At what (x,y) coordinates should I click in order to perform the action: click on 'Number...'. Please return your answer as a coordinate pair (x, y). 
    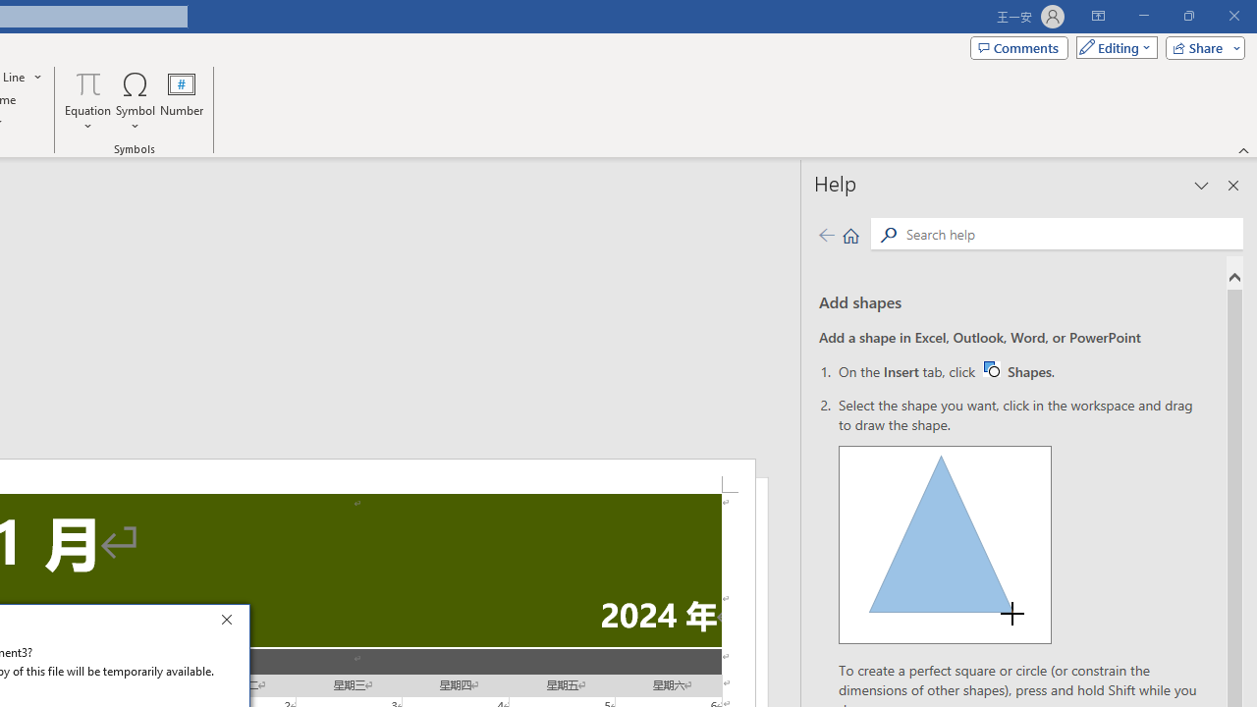
    Looking at the image, I should click on (182, 101).